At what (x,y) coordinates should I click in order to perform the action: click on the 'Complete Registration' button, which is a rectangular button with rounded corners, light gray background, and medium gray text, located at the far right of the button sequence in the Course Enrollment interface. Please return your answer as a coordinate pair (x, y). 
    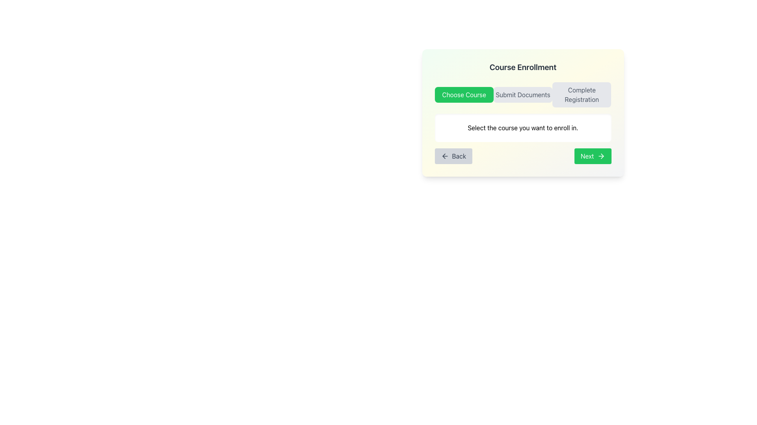
    Looking at the image, I should click on (582, 94).